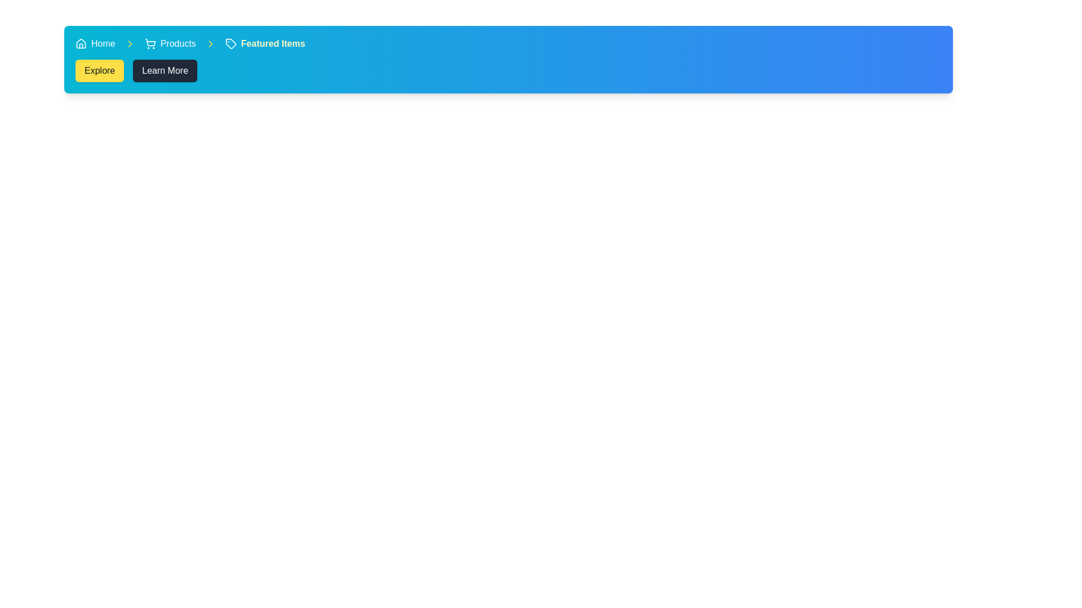  What do you see at coordinates (95, 43) in the screenshot?
I see `the 'Home' link in the breadcrumb navigation bar` at bounding box center [95, 43].